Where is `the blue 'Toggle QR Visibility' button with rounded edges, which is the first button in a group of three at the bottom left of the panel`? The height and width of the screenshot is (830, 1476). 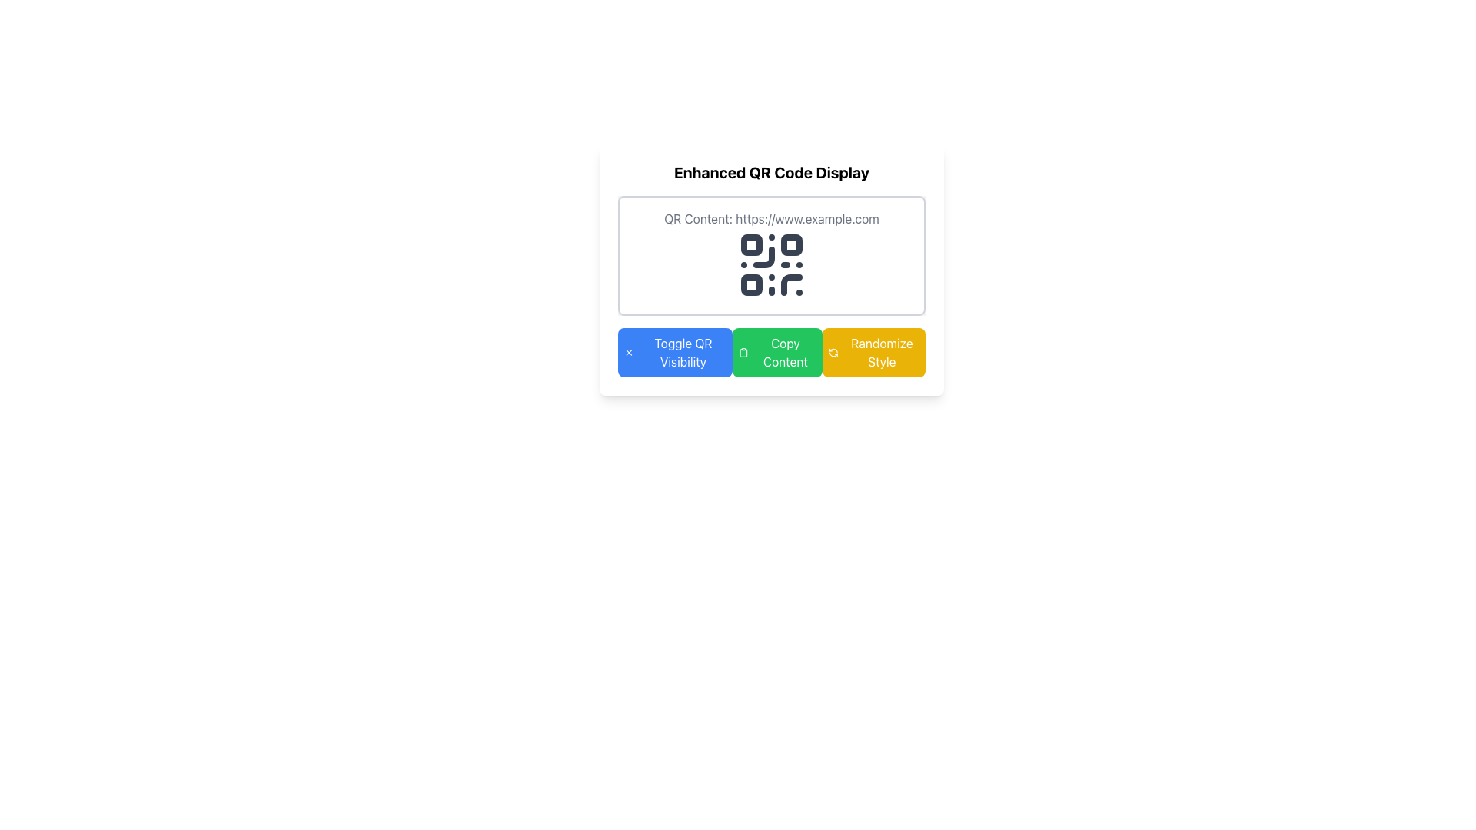 the blue 'Toggle QR Visibility' button with rounded edges, which is the first button in a group of three at the bottom left of the panel is located at coordinates (675, 353).